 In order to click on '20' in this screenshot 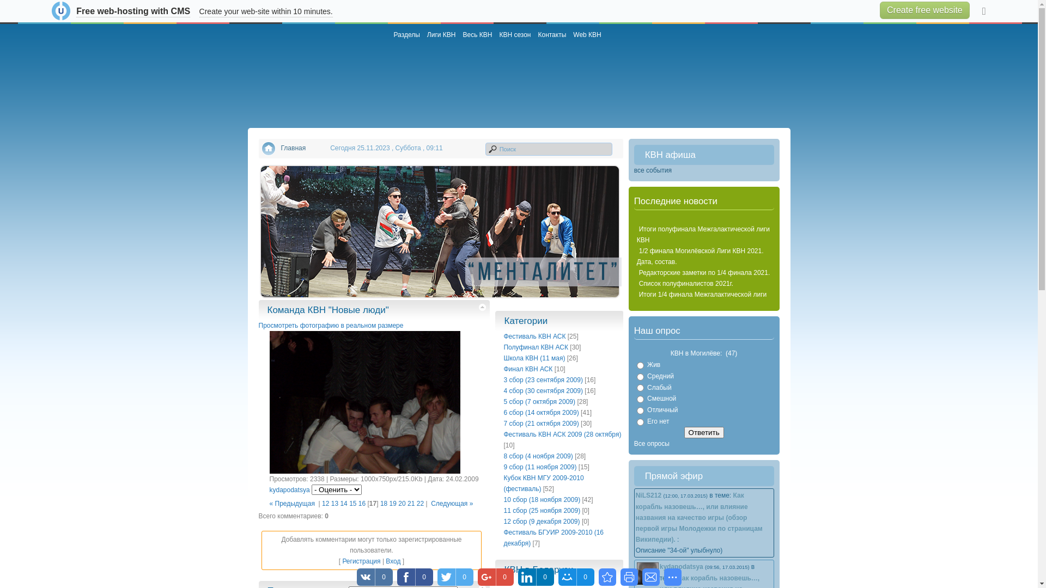, I will do `click(401, 504)`.